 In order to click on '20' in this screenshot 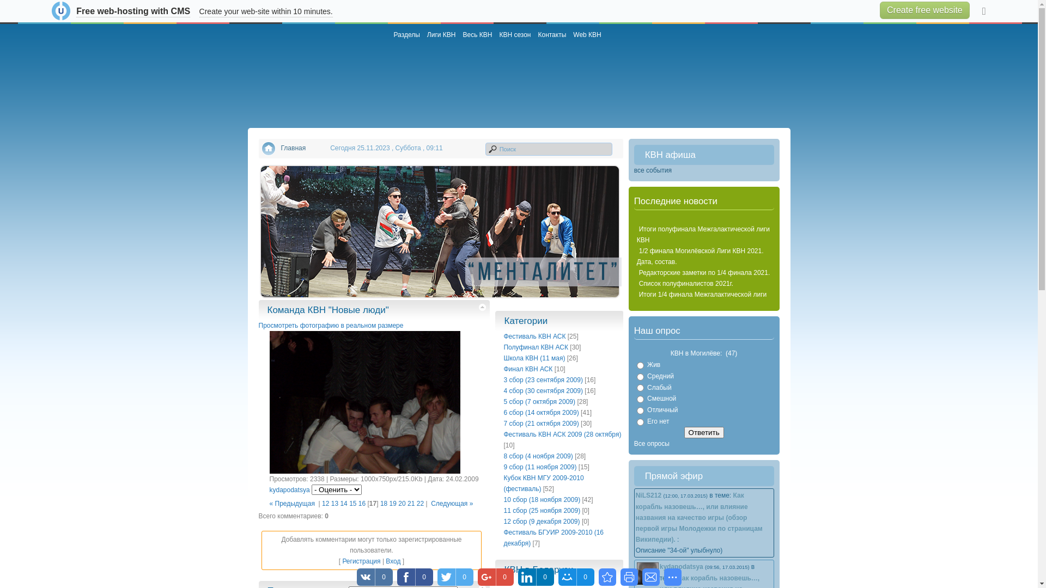, I will do `click(401, 504)`.